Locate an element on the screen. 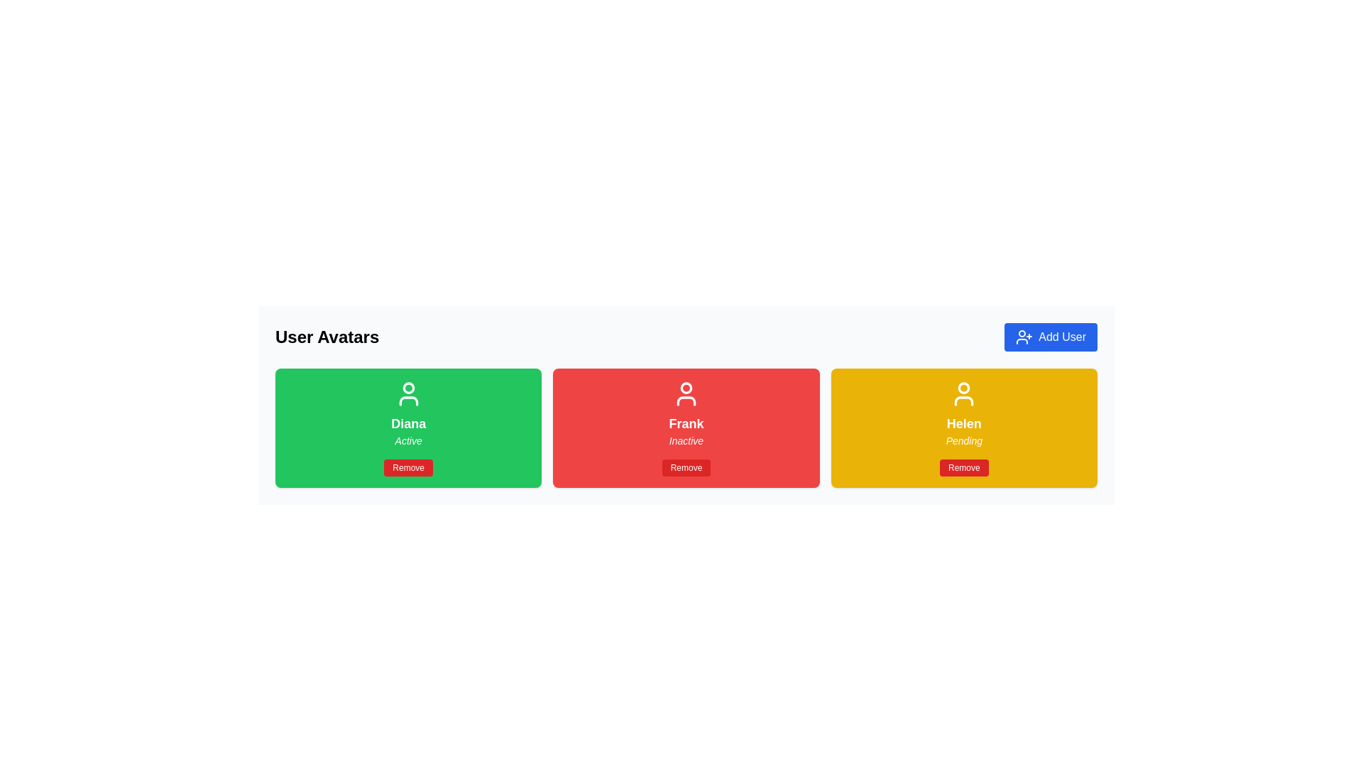 The image size is (1363, 767). the user profile icon located at the upper center of the yellow card, which is the third card in a row, serving as a graphical representation of user-related actions or information is located at coordinates (964, 394).